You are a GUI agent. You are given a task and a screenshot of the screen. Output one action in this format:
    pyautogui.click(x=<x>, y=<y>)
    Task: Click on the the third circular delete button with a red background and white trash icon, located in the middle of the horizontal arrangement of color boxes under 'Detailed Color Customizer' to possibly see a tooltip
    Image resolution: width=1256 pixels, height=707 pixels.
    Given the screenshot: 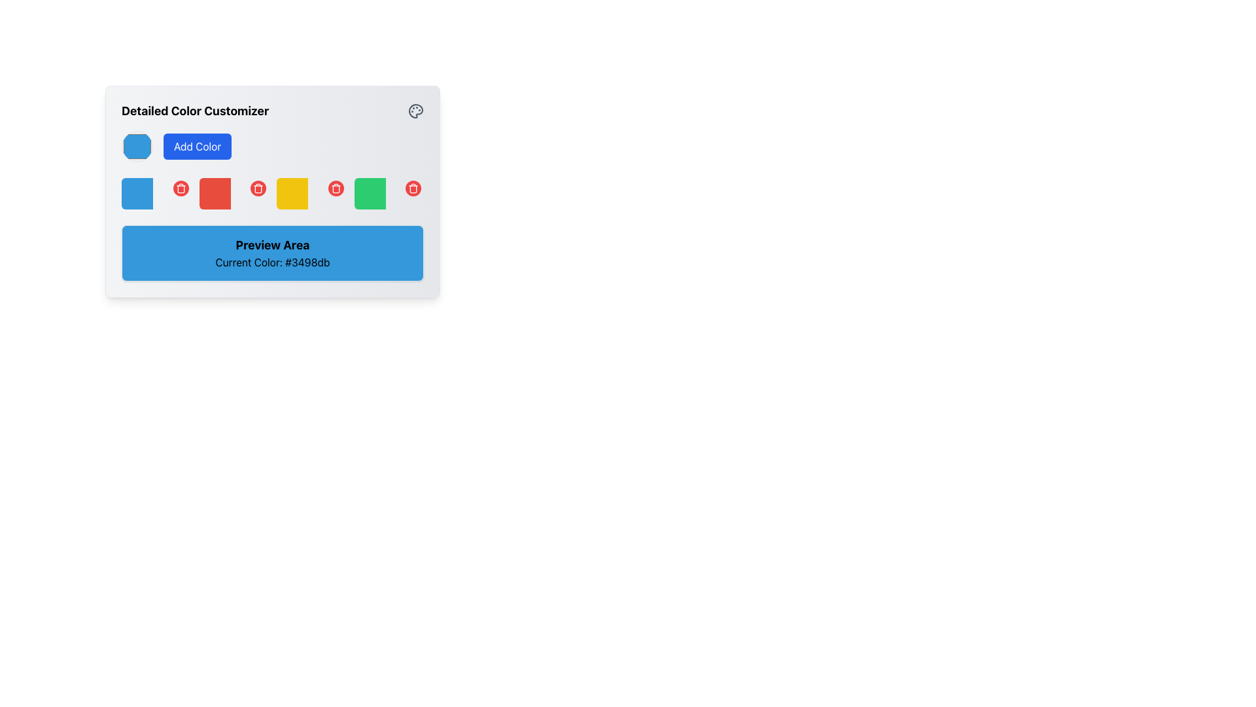 What is the action you would take?
    pyautogui.click(x=258, y=189)
    